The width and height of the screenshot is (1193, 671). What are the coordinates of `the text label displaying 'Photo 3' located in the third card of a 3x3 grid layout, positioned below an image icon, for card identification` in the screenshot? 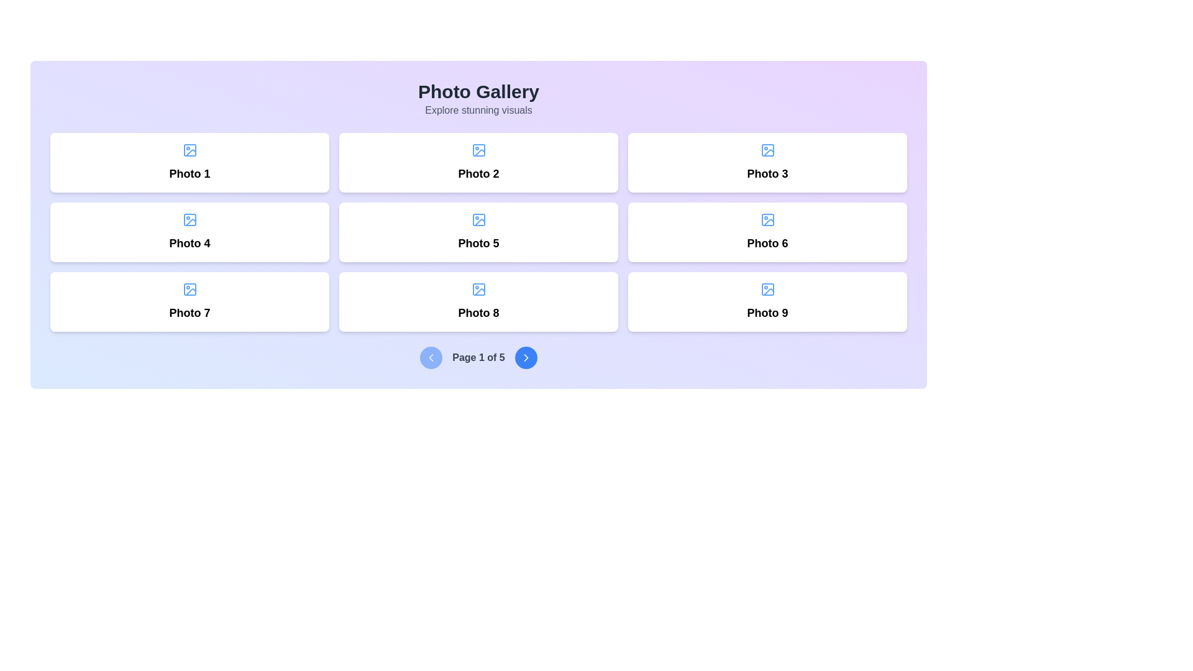 It's located at (767, 174).